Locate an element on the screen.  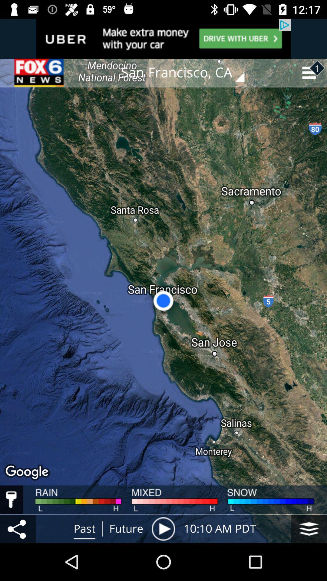
item to the right of 10 10 am icon is located at coordinates (309, 528).